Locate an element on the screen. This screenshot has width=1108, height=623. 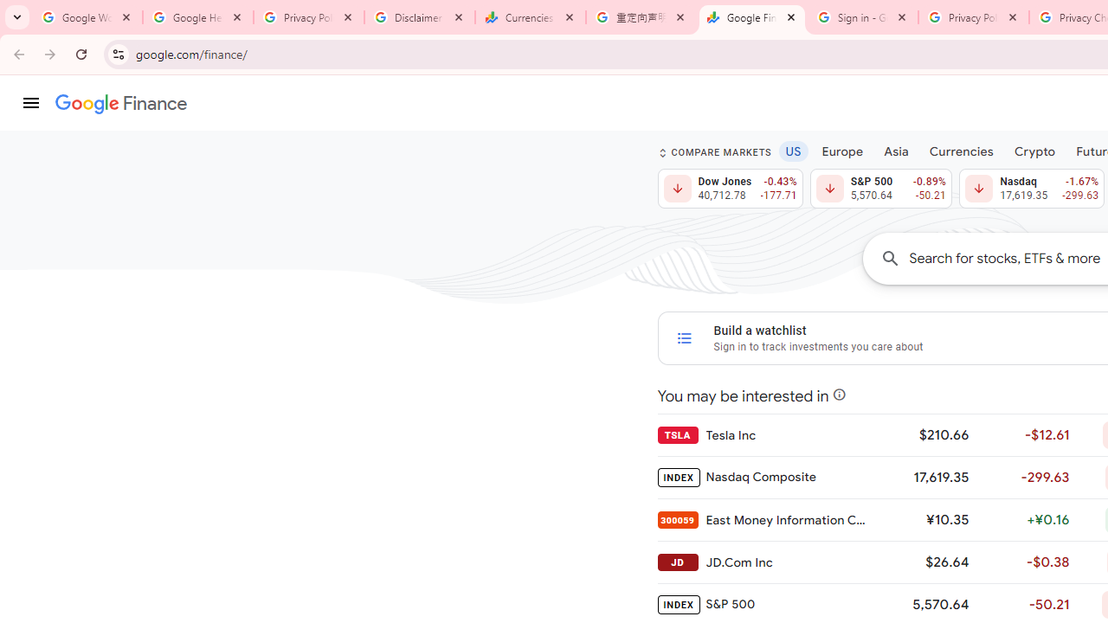
'S&P 500 5,570.64 Down by 0.89% -50.21' is located at coordinates (880, 189).